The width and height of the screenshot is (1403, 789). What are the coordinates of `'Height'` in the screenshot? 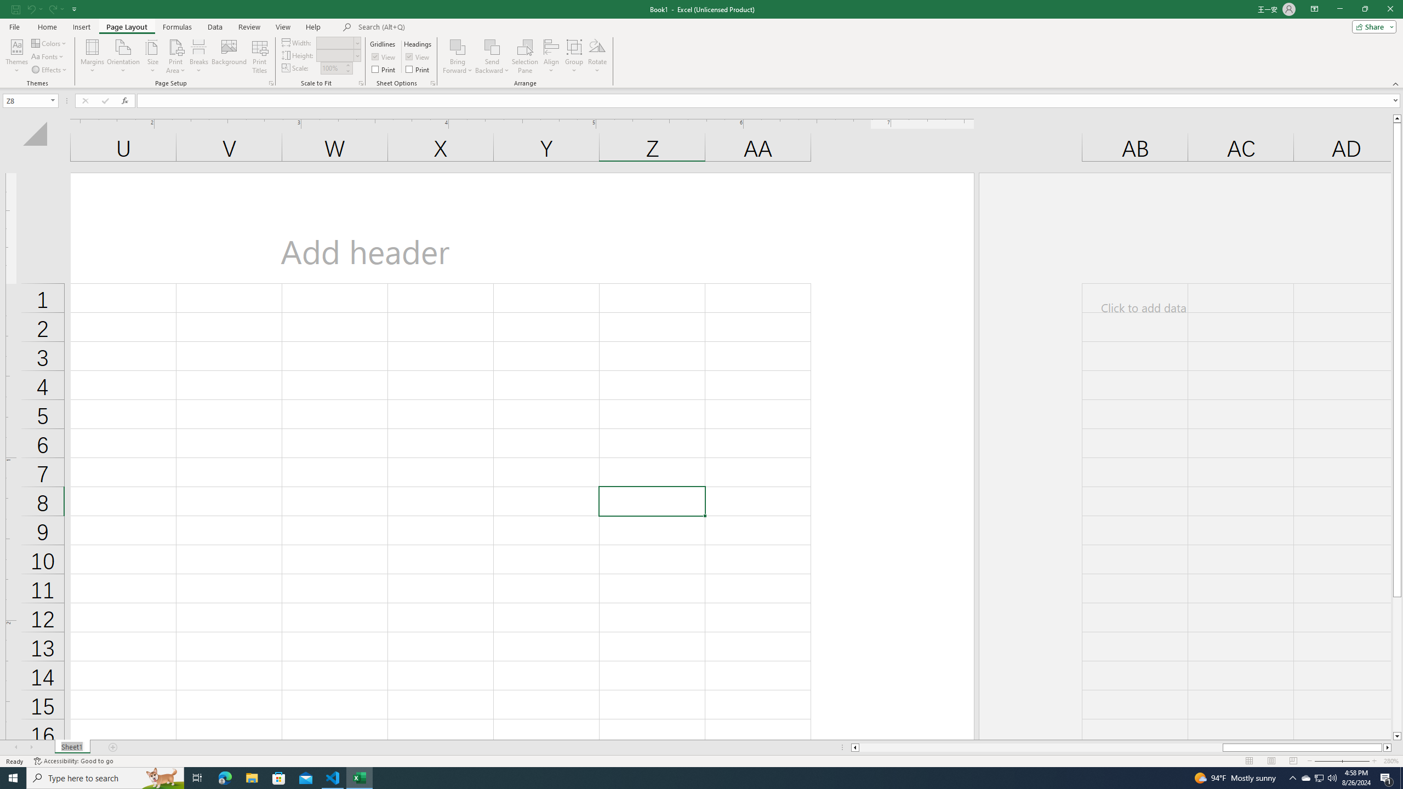 It's located at (335, 55).